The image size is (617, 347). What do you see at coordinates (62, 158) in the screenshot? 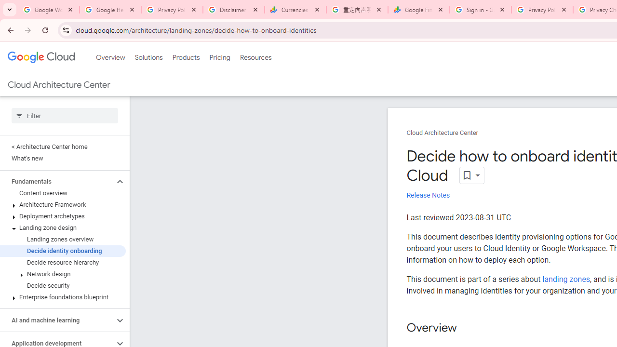
I see `'What'` at bounding box center [62, 158].